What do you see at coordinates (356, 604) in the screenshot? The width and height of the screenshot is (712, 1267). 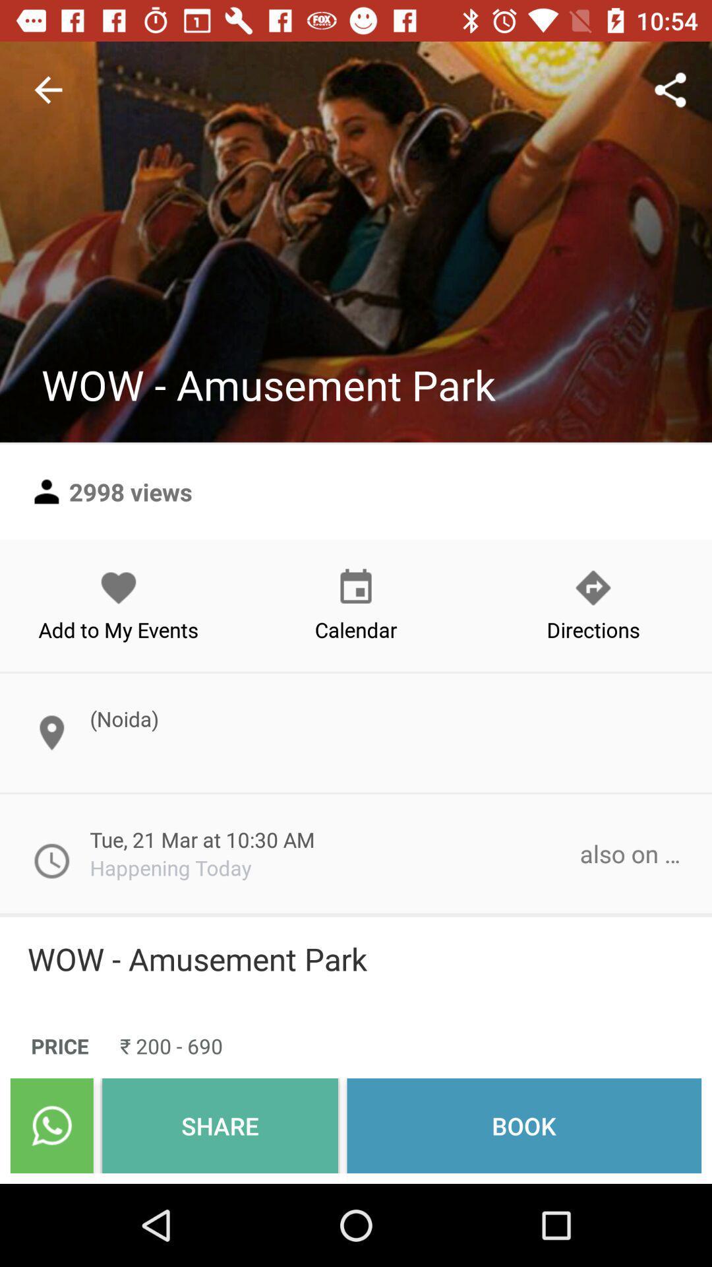 I see `the icon to the left of directions icon` at bounding box center [356, 604].